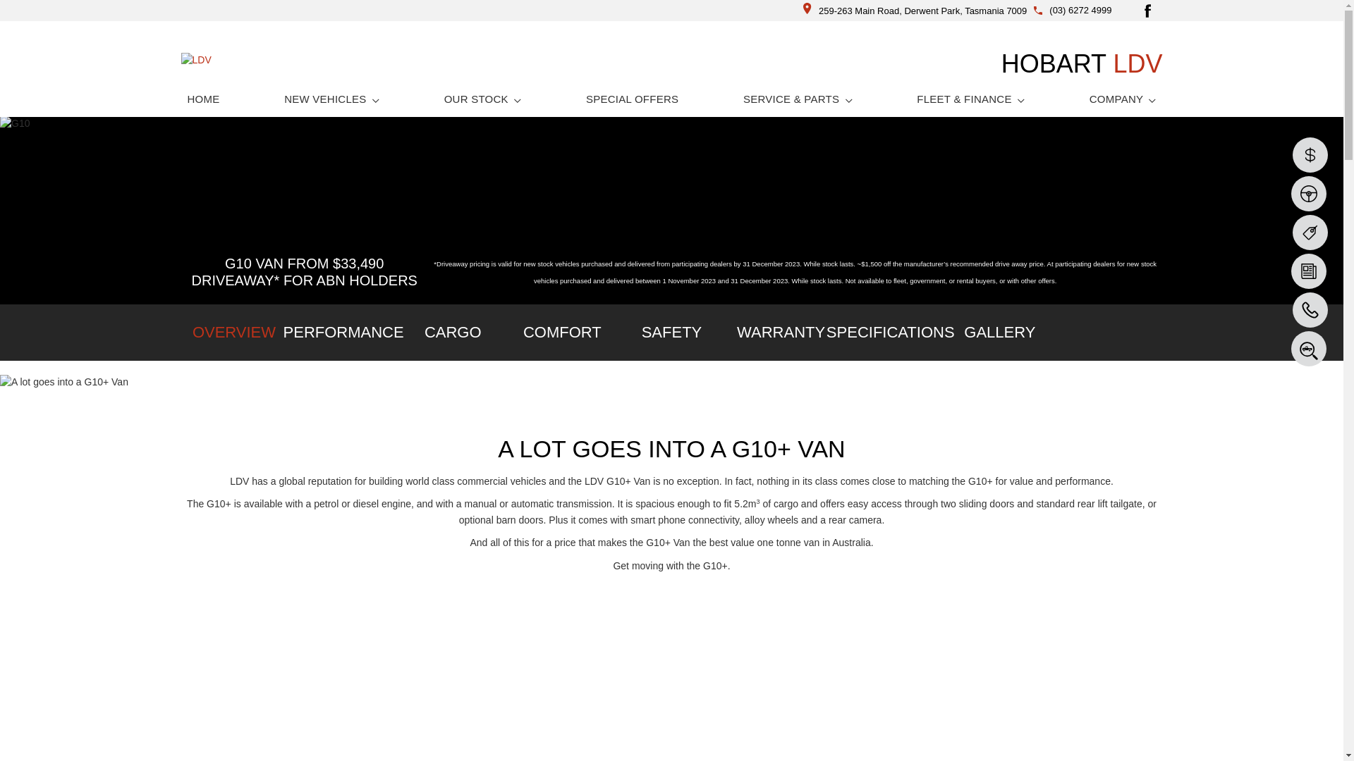 The image size is (1354, 761). What do you see at coordinates (331, 98) in the screenshot?
I see `'NEW VEHICLES'` at bounding box center [331, 98].